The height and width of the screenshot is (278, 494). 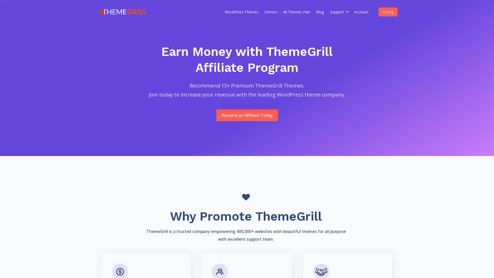 What do you see at coordinates (246, 115) in the screenshot?
I see `Become an Affiliate Today` at bounding box center [246, 115].